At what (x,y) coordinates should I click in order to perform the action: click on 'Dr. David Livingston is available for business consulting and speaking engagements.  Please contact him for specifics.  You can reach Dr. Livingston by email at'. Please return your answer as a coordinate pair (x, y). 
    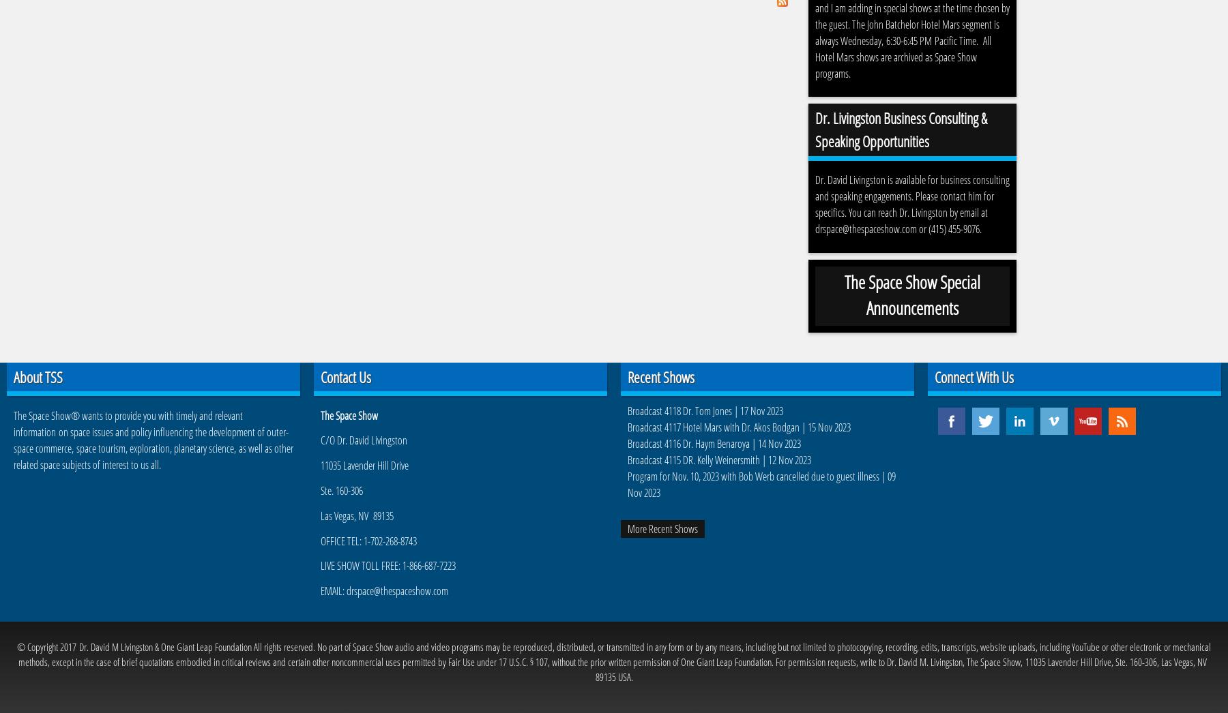
    Looking at the image, I should click on (912, 196).